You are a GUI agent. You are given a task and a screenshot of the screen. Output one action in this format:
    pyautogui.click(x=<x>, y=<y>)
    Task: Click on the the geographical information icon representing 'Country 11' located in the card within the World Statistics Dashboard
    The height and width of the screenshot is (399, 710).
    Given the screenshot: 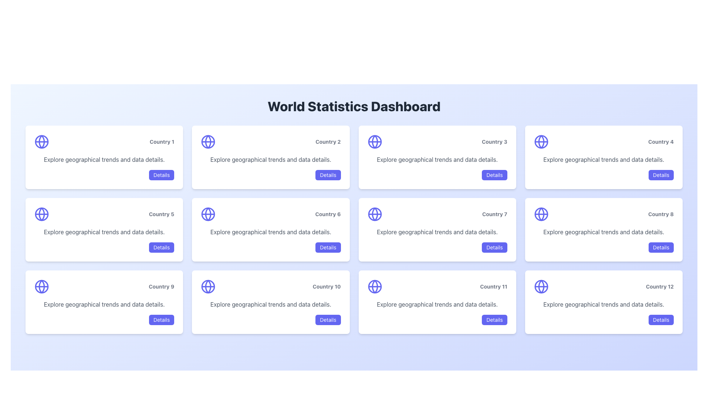 What is the action you would take?
    pyautogui.click(x=375, y=286)
    